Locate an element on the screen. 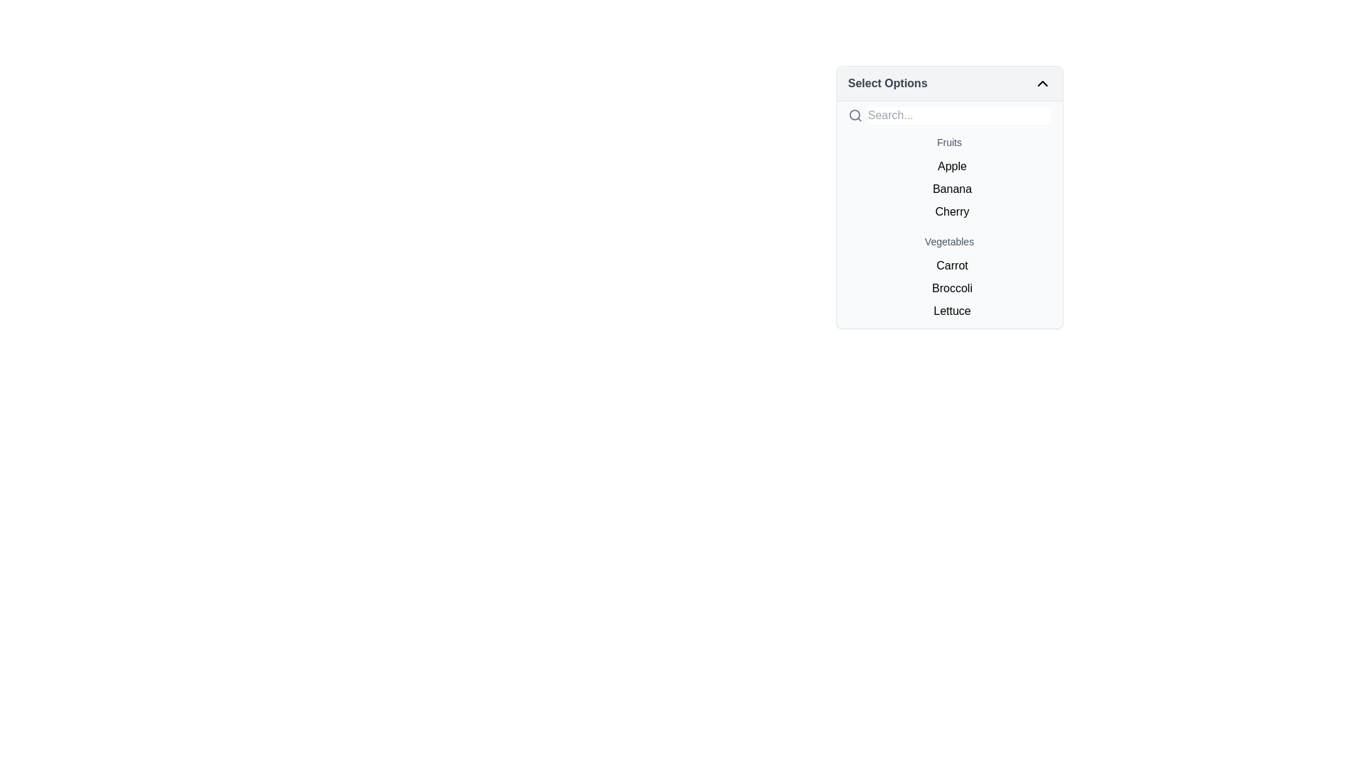  the 'Lettuce' option in the dropdown menu under the 'Vegetables' group is located at coordinates (952, 311).